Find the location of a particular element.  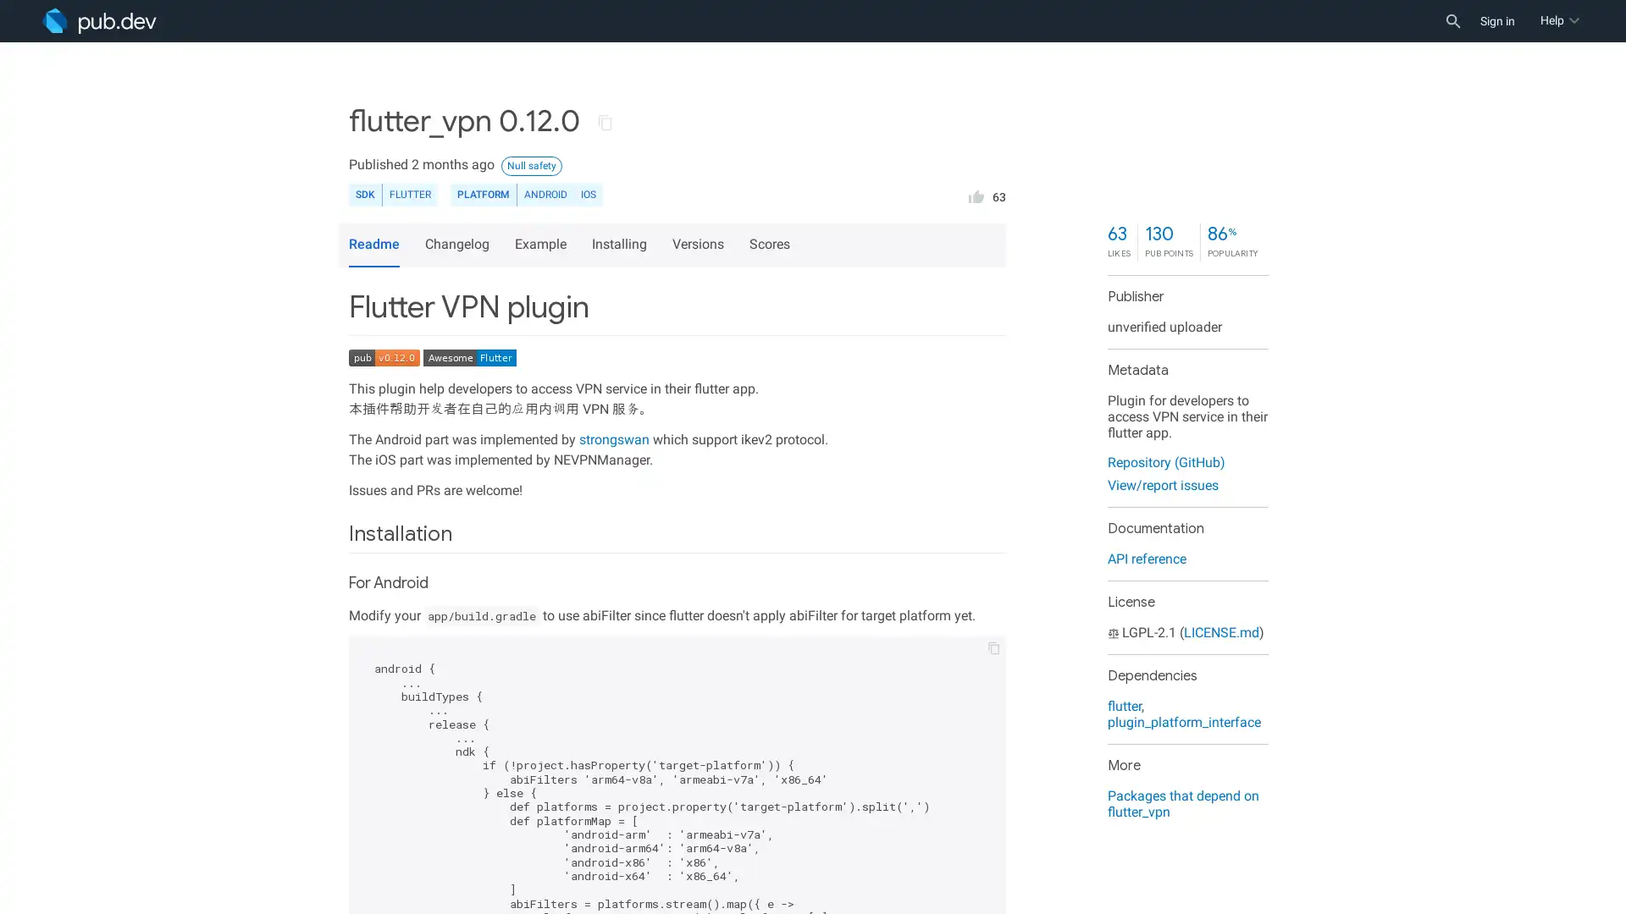

Changelog is located at coordinates (459, 245).